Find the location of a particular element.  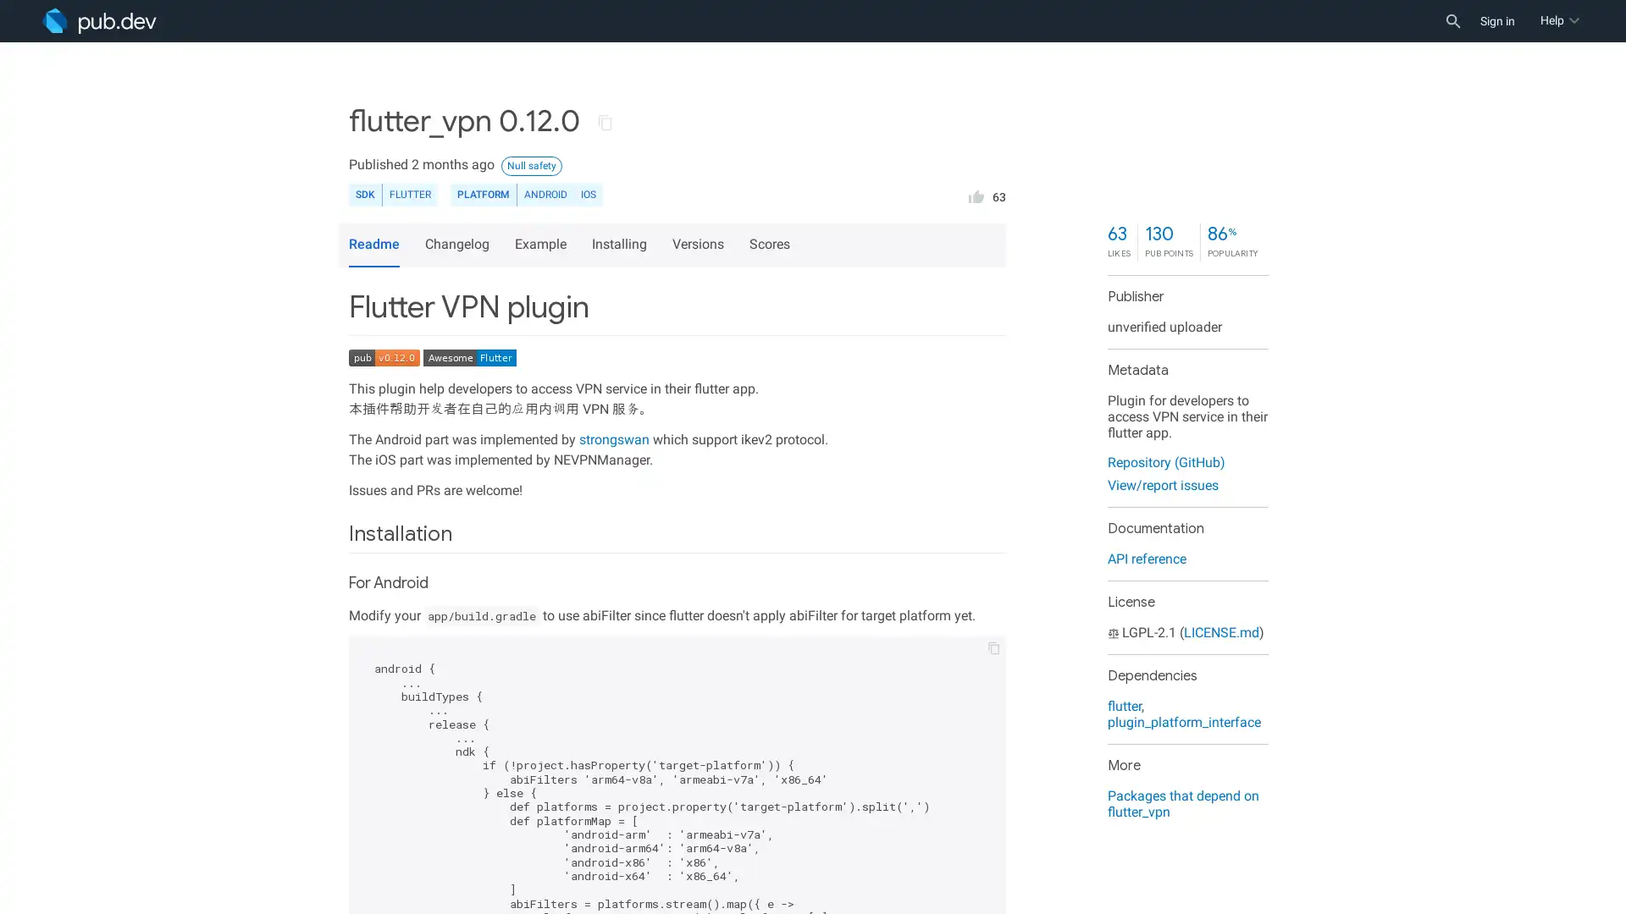

Changelog is located at coordinates (459, 245).